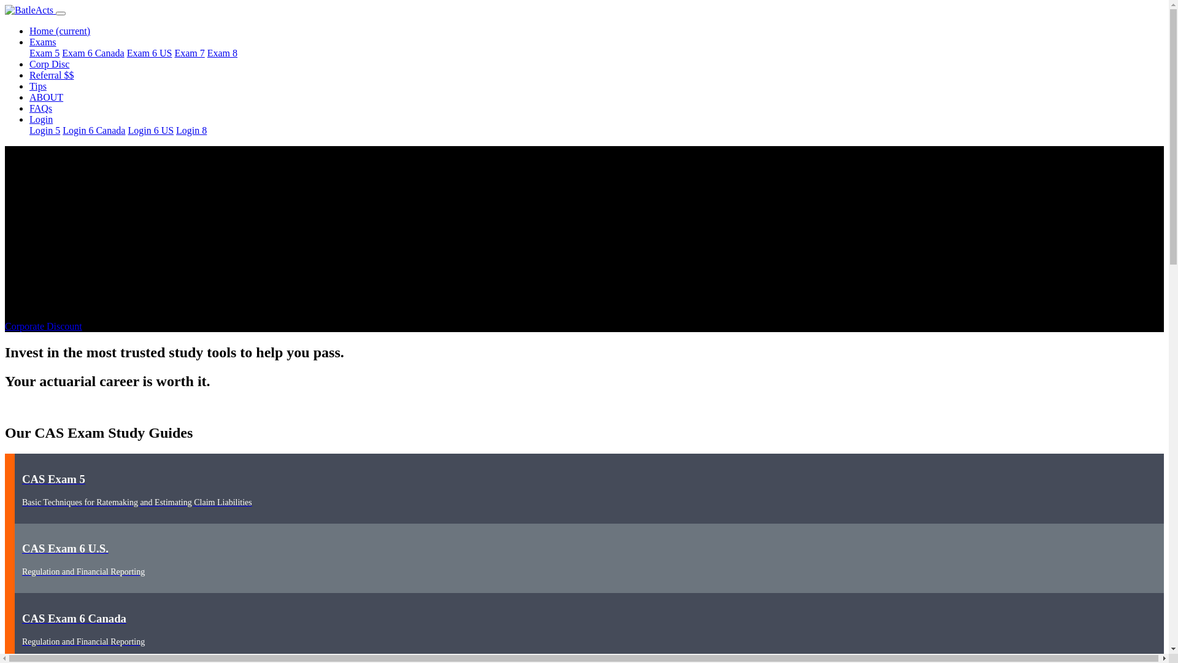 Image resolution: width=1178 pixels, height=663 pixels. I want to click on 'Exam 5', so click(29, 52).